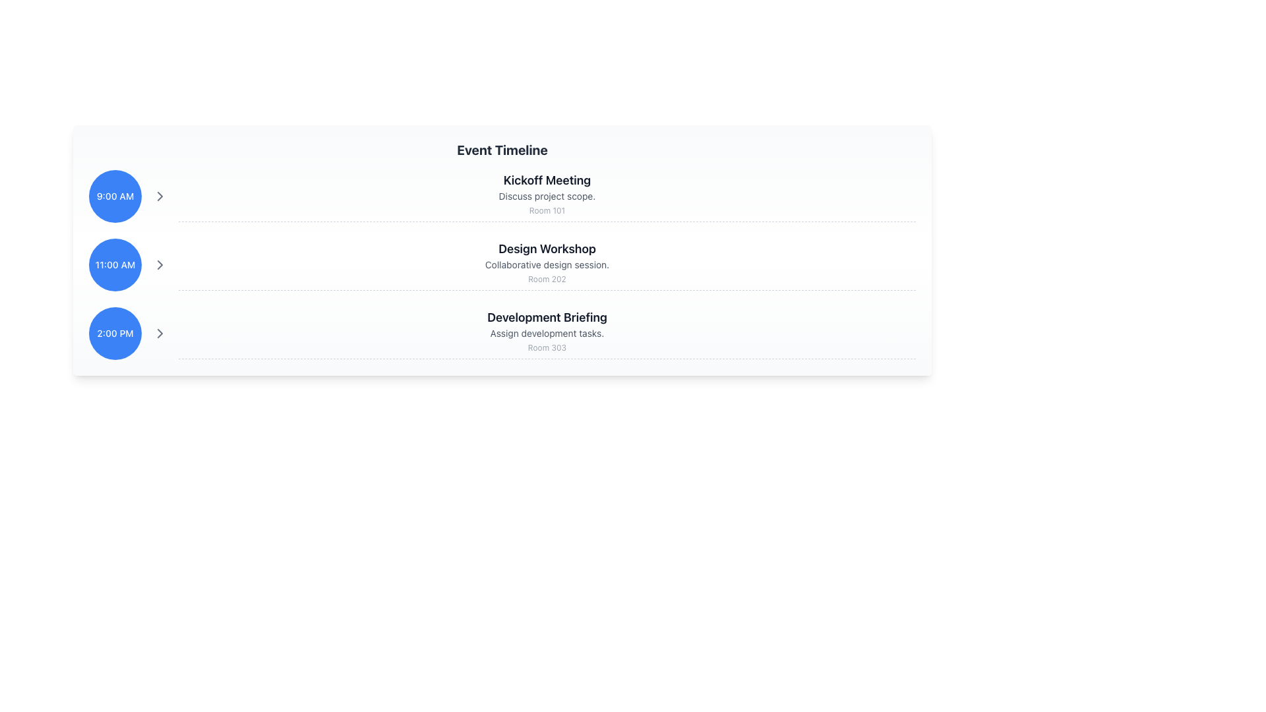  Describe the element at coordinates (547, 264) in the screenshot. I see `the informational text block titled 'Design Workshop', which includes the subtitle 'Collaborative design session.' and the room number 'Room 202', visually distinguished by a dashed underline` at that location.